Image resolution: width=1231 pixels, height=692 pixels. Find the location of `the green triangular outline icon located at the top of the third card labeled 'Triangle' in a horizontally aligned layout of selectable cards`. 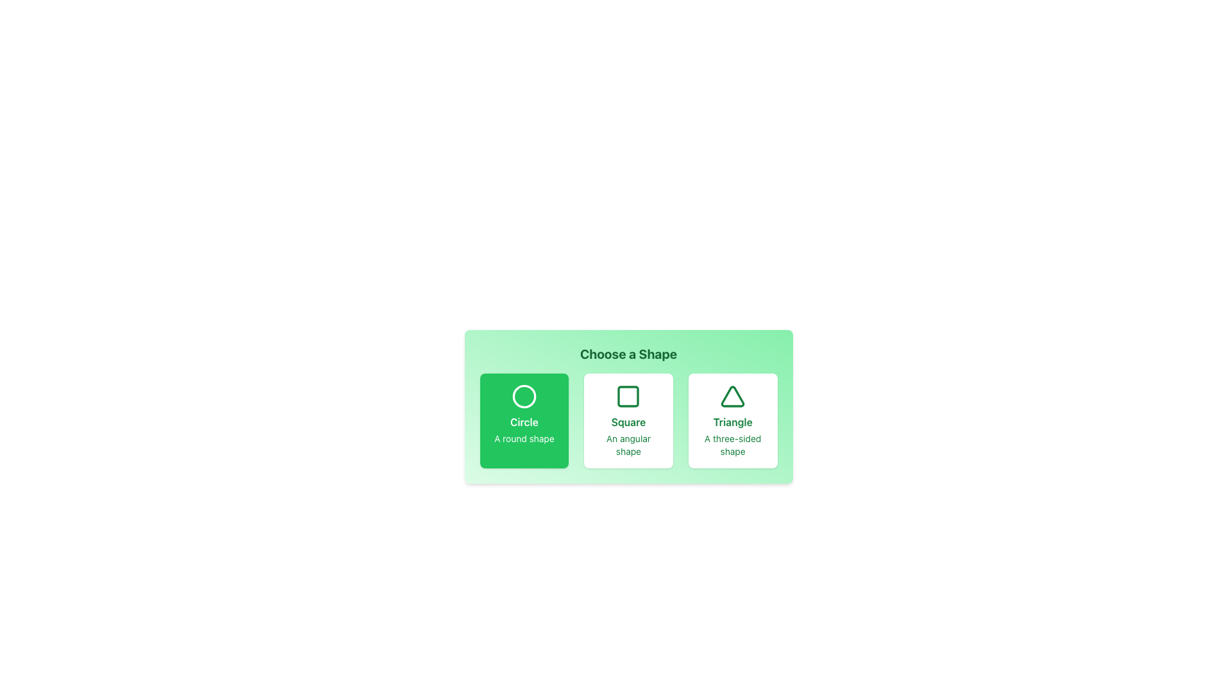

the green triangular outline icon located at the top of the third card labeled 'Triangle' in a horizontally aligned layout of selectable cards is located at coordinates (733, 395).